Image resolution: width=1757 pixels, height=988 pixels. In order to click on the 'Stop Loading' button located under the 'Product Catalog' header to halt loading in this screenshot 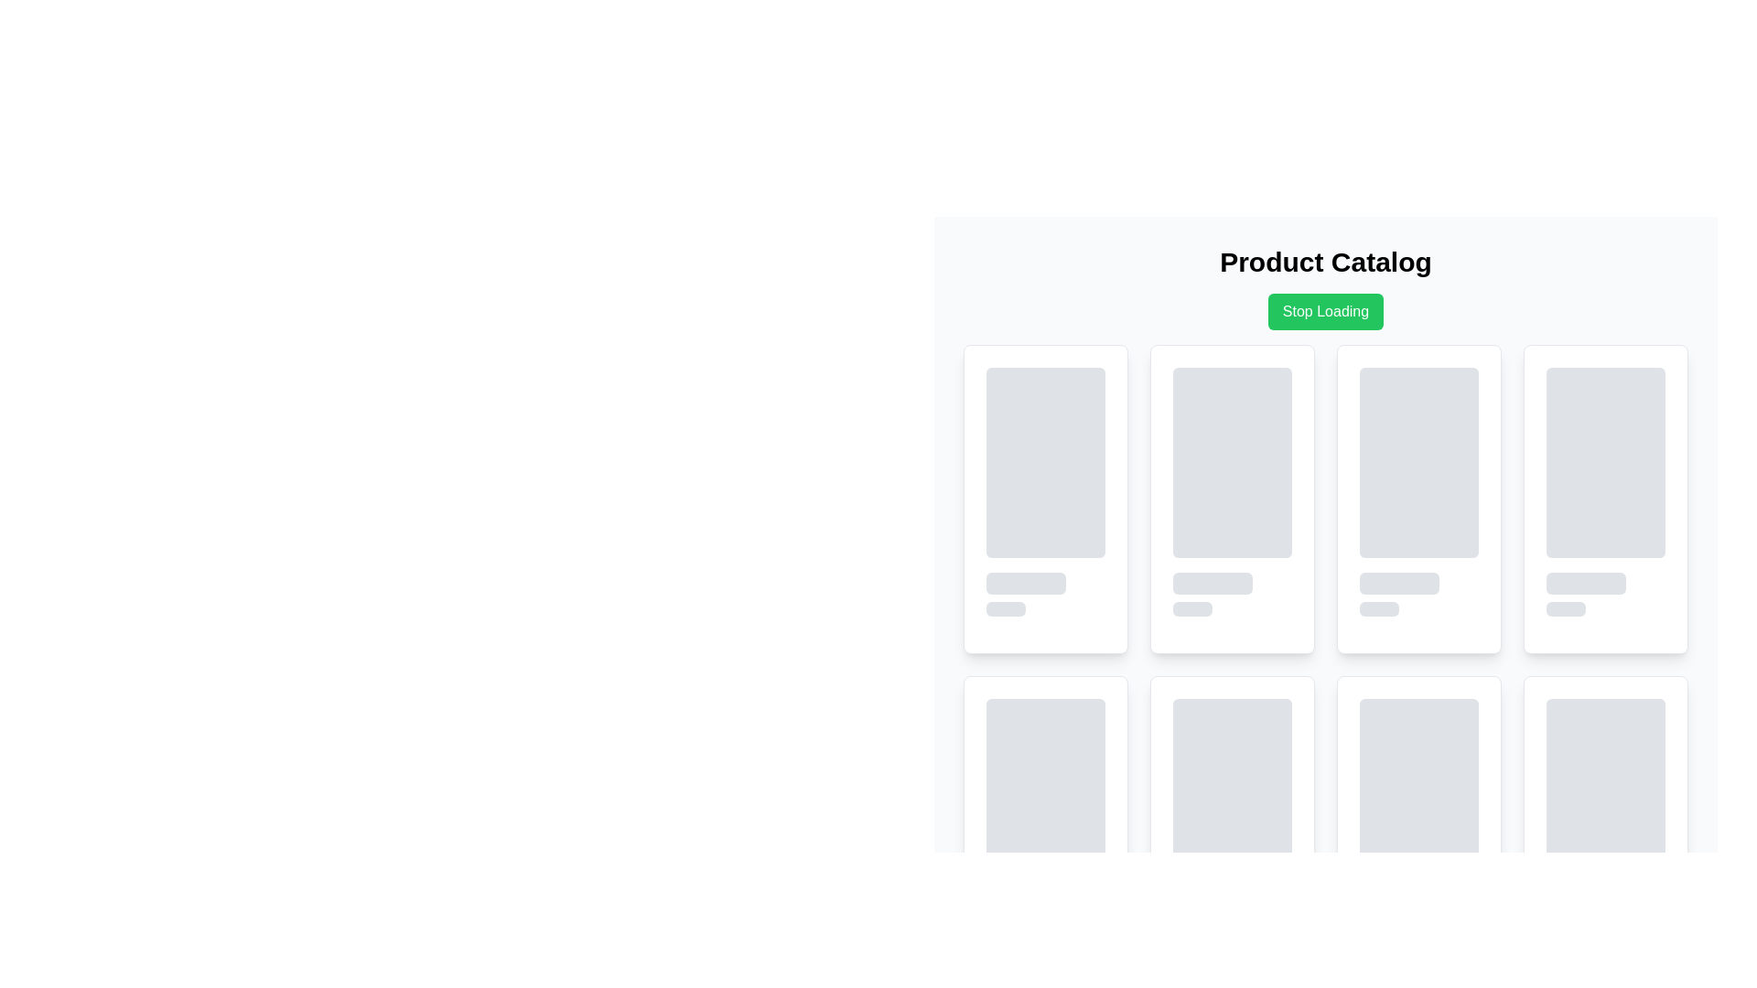, I will do `click(1326, 288)`.